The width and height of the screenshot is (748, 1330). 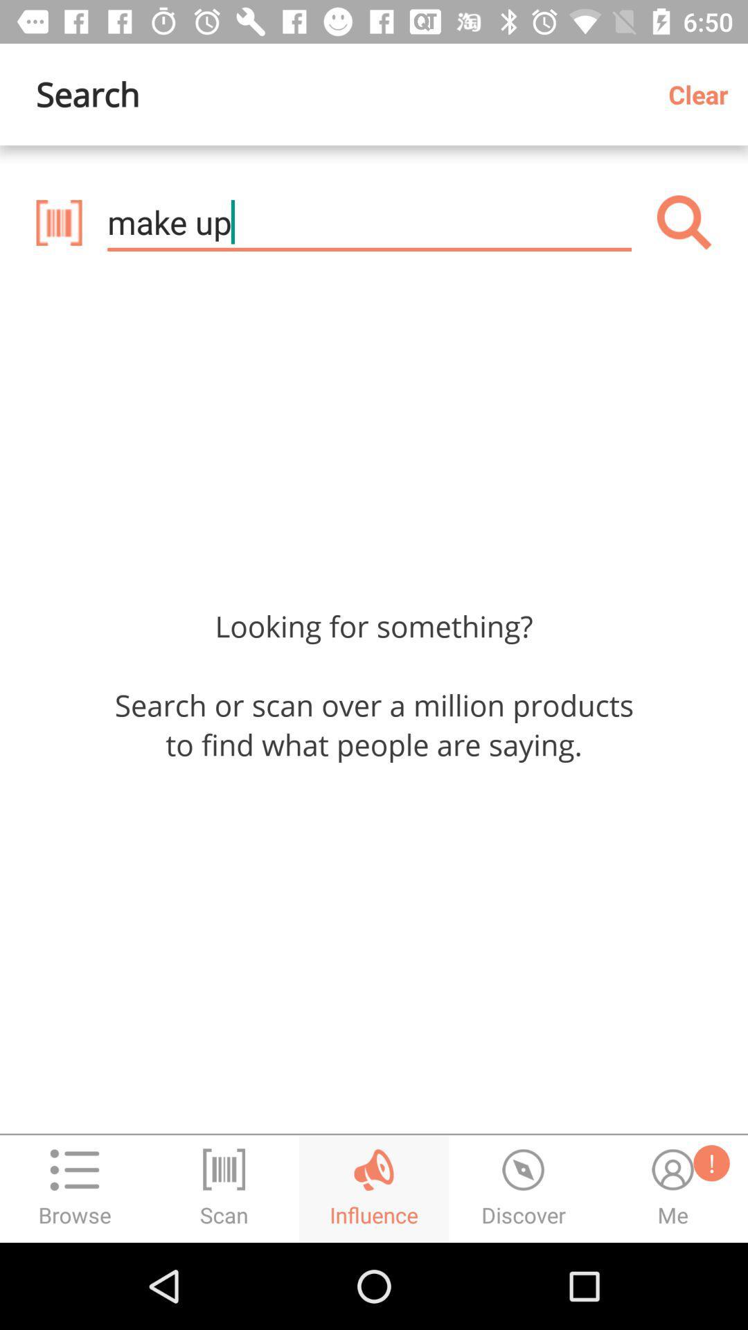 What do you see at coordinates (684, 222) in the screenshot?
I see `search` at bounding box center [684, 222].